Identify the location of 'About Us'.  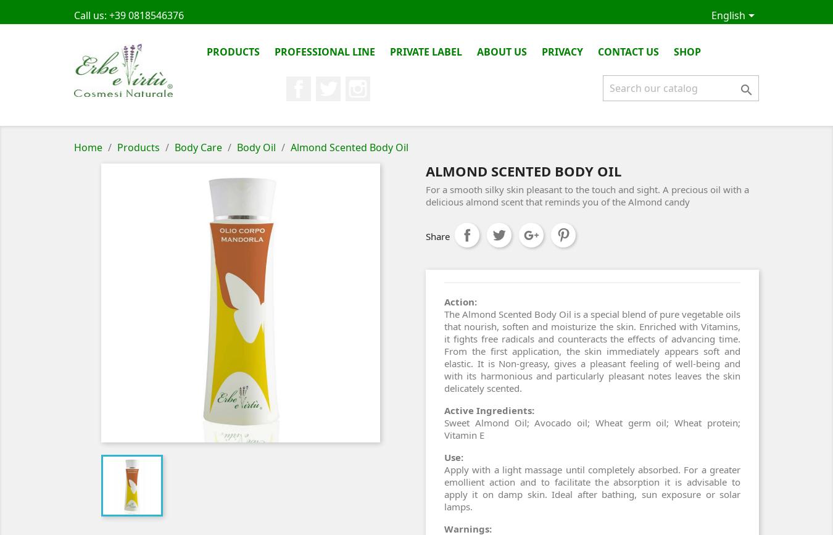
(502, 52).